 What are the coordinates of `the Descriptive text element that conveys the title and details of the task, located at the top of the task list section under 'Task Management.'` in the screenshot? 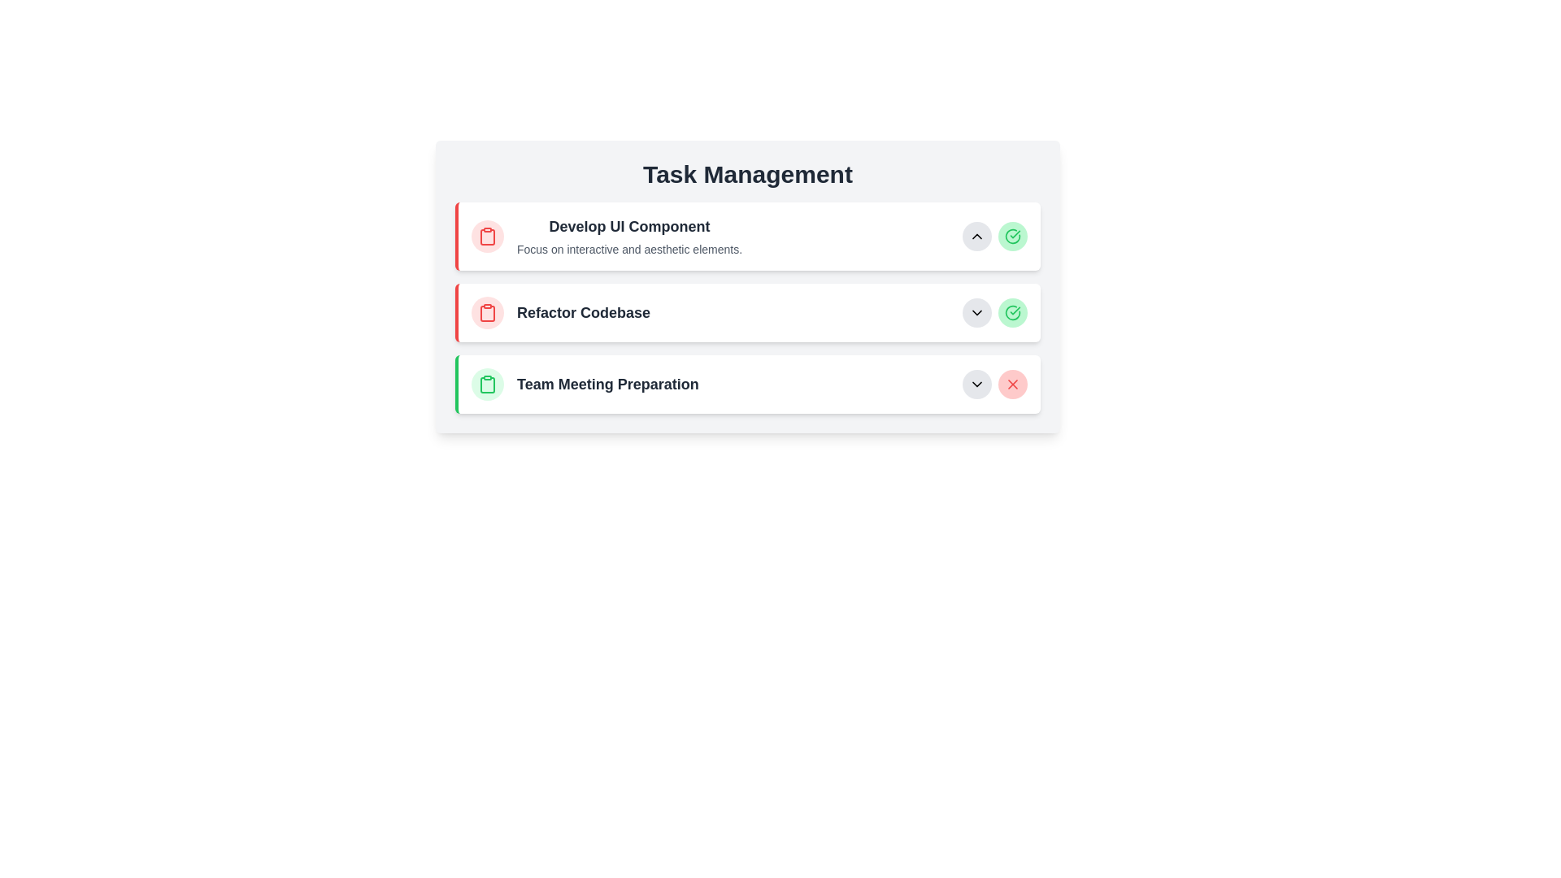 It's located at (628, 236).